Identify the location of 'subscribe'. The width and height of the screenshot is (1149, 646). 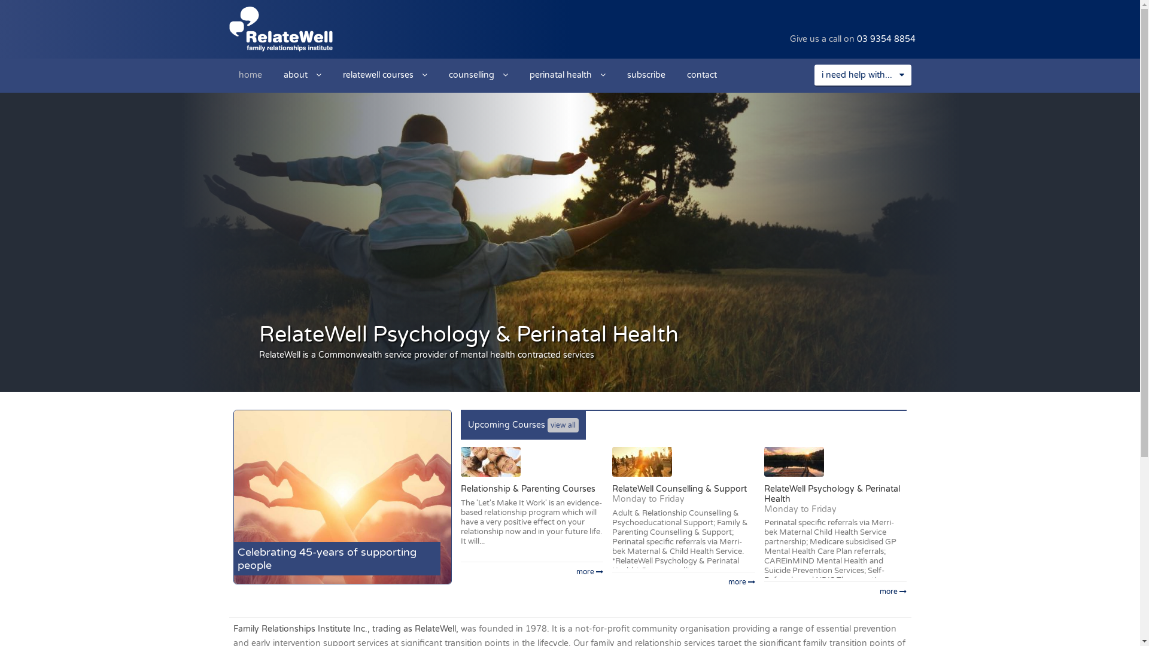
(646, 74).